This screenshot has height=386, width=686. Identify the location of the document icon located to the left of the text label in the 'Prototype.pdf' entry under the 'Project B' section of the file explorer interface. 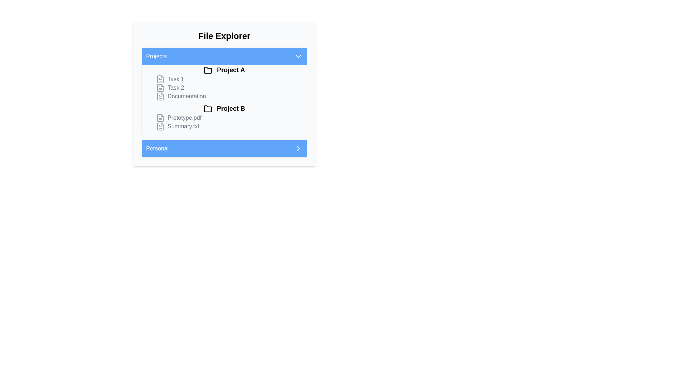
(160, 118).